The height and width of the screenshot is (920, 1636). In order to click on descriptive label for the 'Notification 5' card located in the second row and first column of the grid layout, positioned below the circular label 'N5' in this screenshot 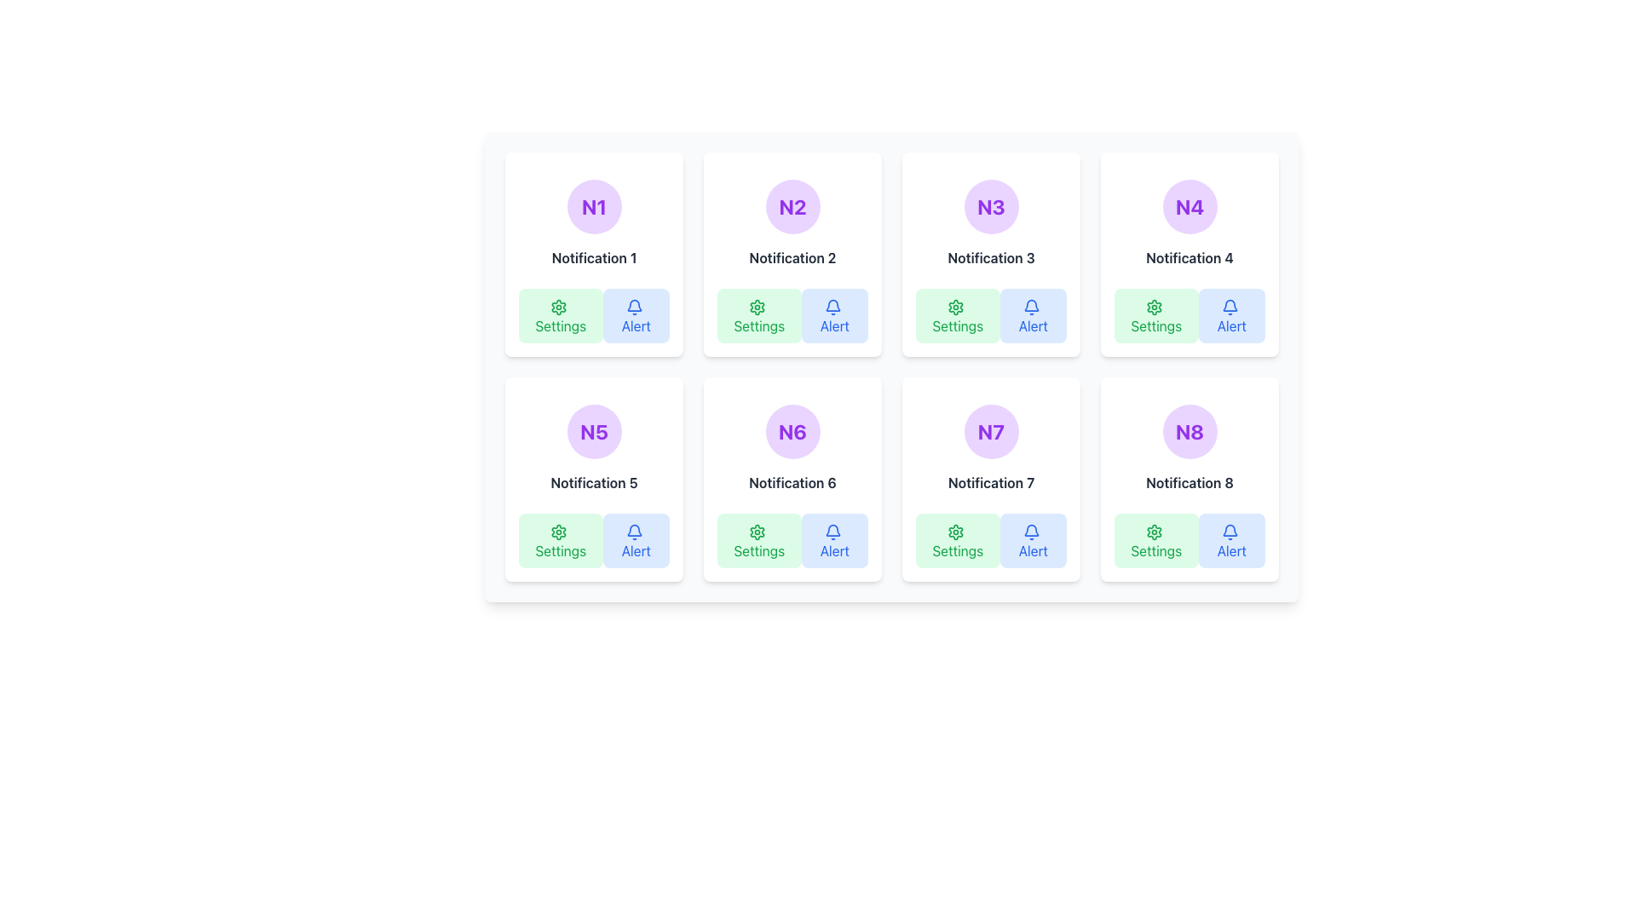, I will do `click(594, 483)`.